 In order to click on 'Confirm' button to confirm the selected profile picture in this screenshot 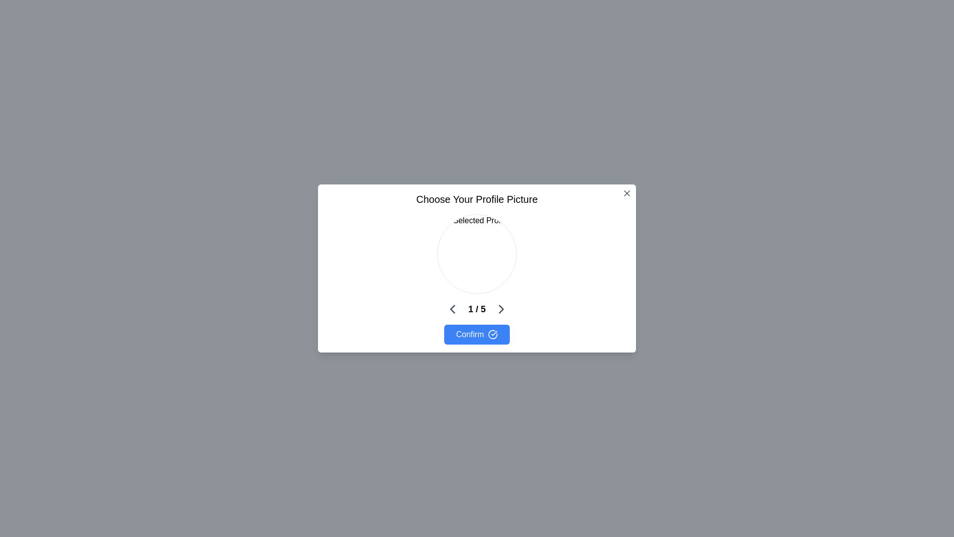, I will do `click(477, 334)`.